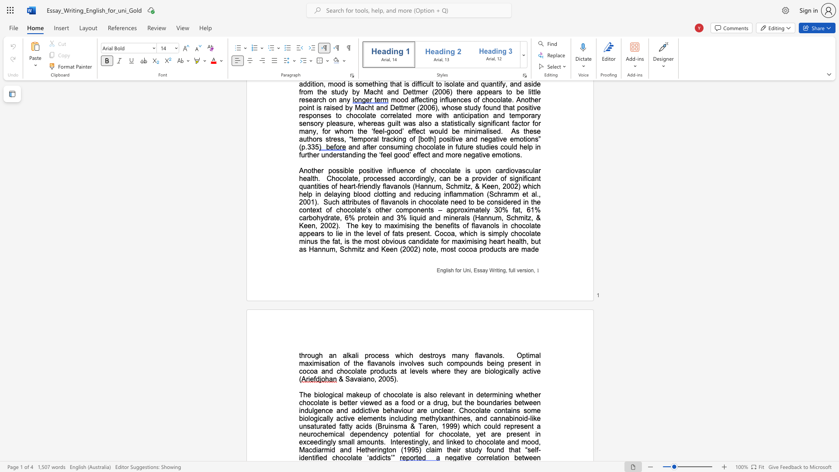 This screenshot has height=472, width=839. Describe the element at coordinates (527, 270) in the screenshot. I see `the subset text "on" within the text "English for Uni, Essay Writing, full version,"` at that location.